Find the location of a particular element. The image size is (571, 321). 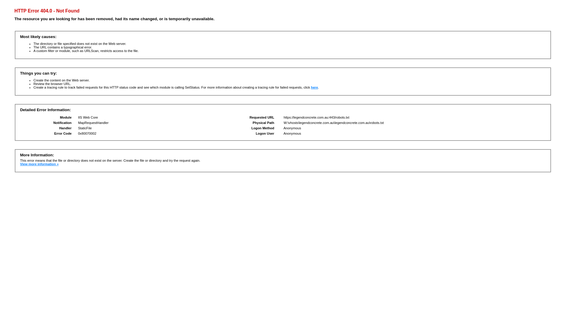

'here' is located at coordinates (314, 87).